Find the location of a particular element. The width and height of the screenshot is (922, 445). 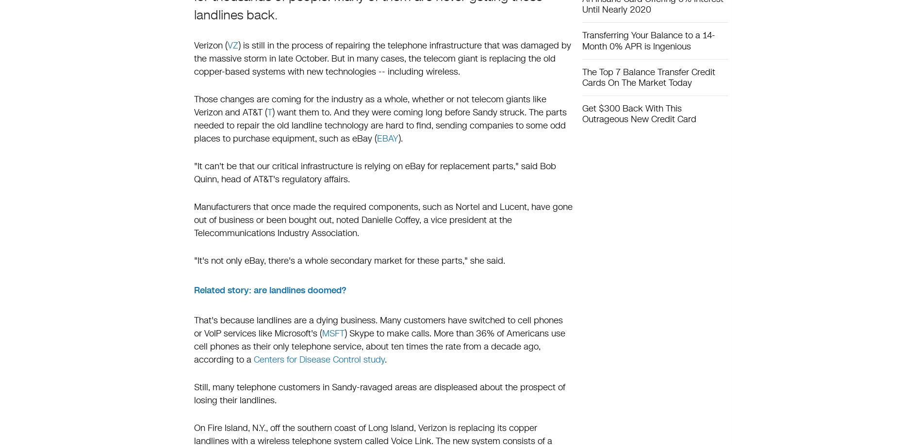

'Verizon' is located at coordinates (193, 45).